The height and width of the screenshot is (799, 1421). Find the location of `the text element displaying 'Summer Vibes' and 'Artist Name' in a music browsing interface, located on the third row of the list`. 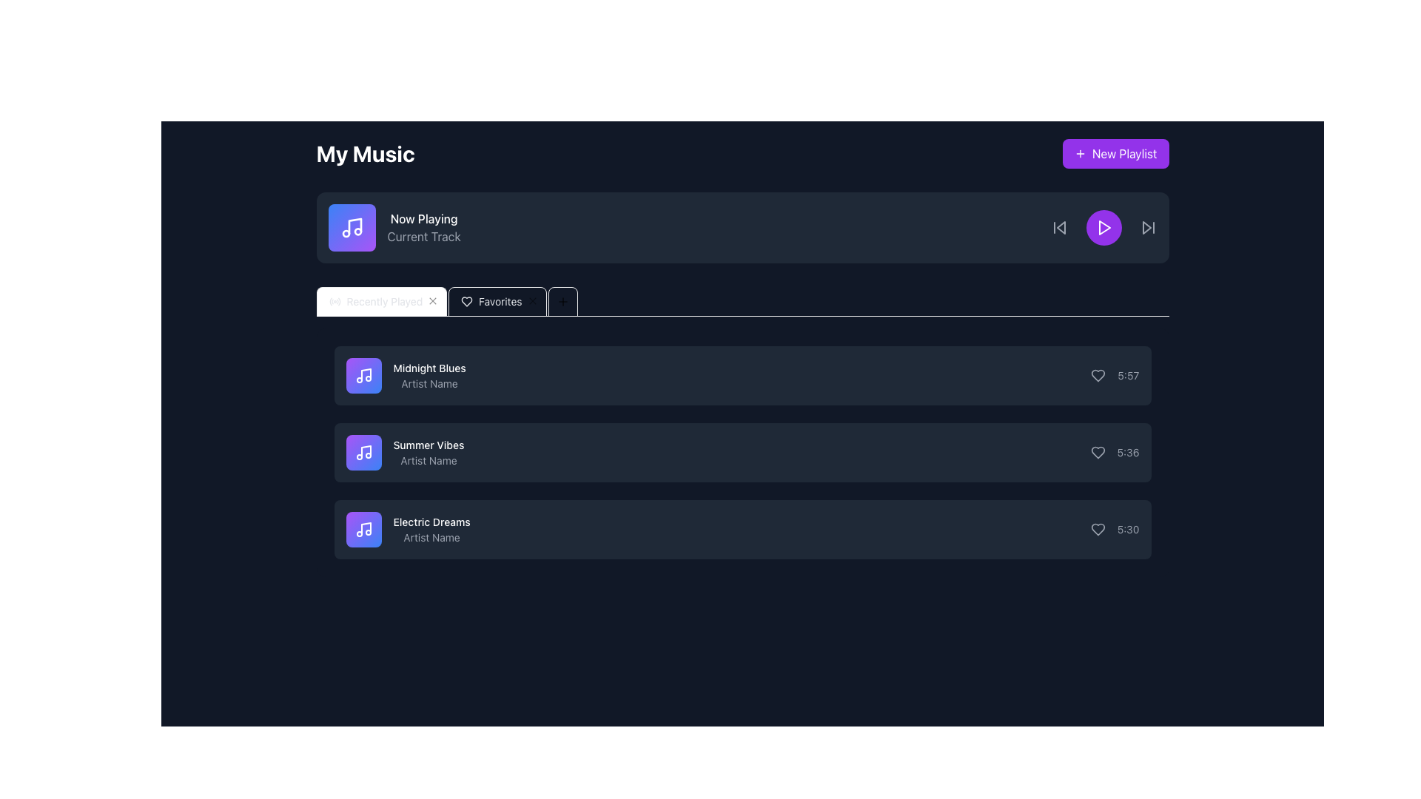

the text element displaying 'Summer Vibes' and 'Artist Name' in a music browsing interface, located on the third row of the list is located at coordinates (428, 452).